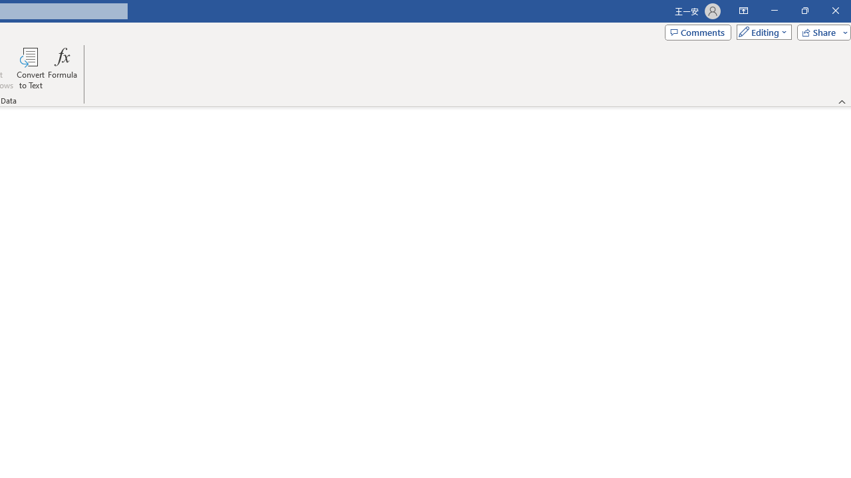 This screenshot has height=478, width=851. I want to click on 'Editing', so click(761, 31).